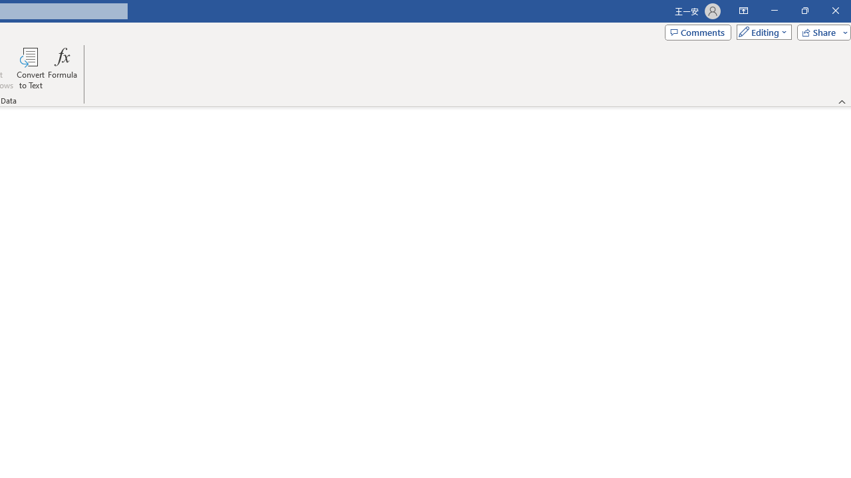 This screenshot has height=478, width=851. I want to click on 'Editing', so click(761, 31).